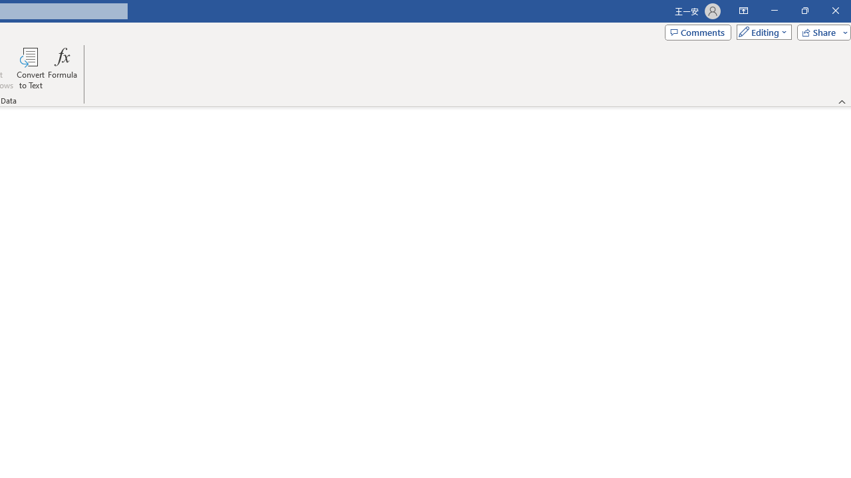 This screenshot has height=478, width=851. I want to click on 'Editing', so click(761, 31).